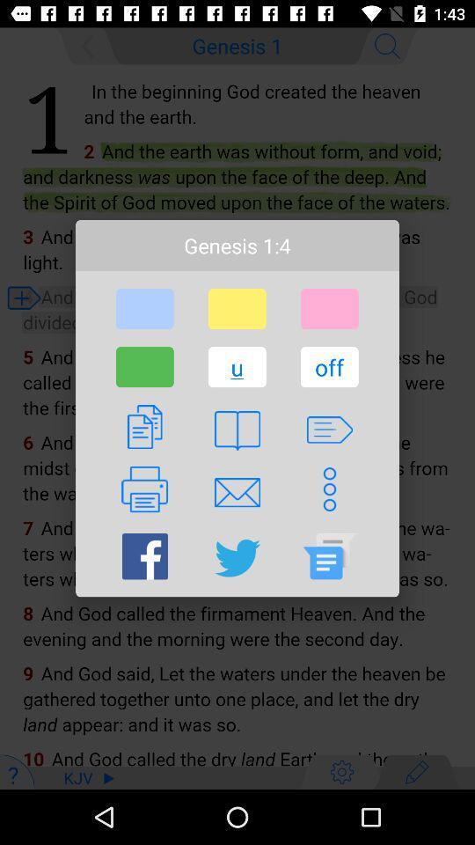 This screenshot has width=475, height=845. What do you see at coordinates (329, 429) in the screenshot?
I see `the icon below off icon` at bounding box center [329, 429].